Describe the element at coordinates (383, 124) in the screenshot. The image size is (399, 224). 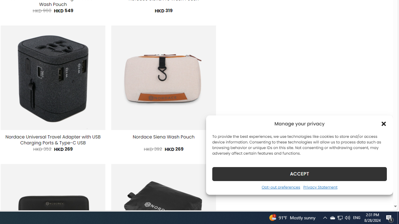
I see `'Class: cmplz-close'` at that location.